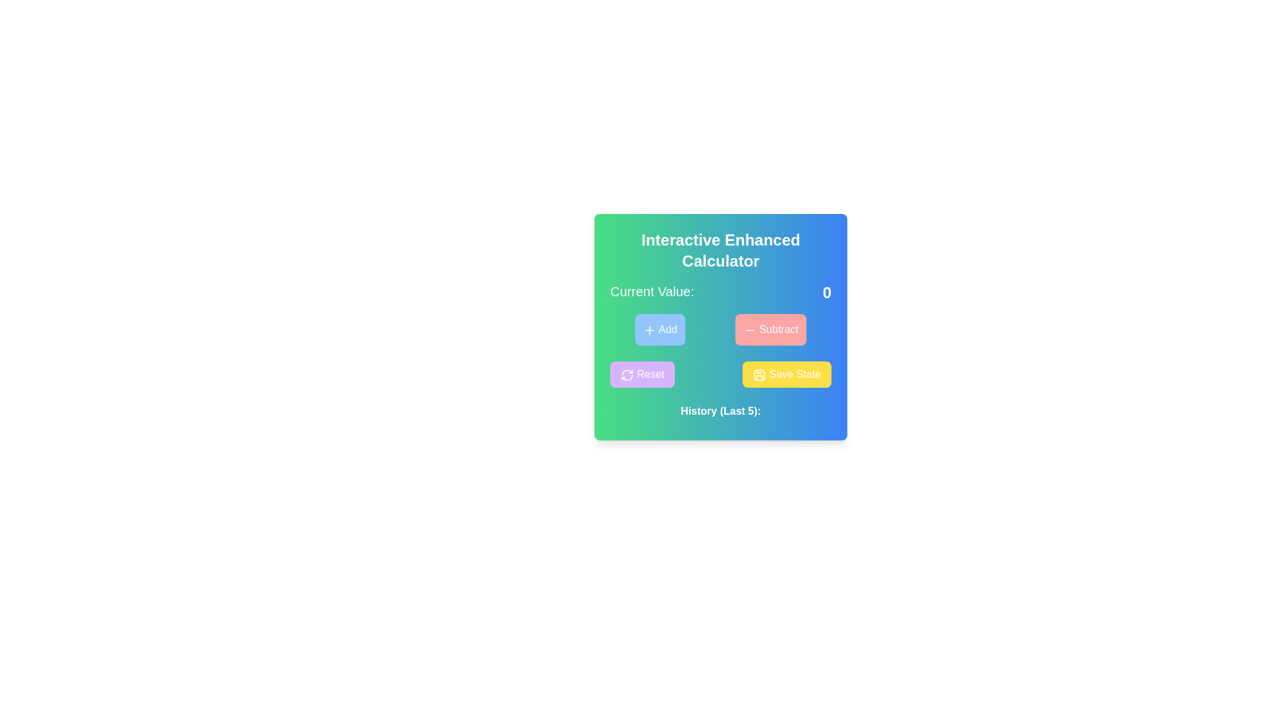 This screenshot has height=711, width=1264. Describe the element at coordinates (771, 329) in the screenshot. I see `the subtraction button, which is the second button in a row of two buttons positioned to the right of the 'Add' button in the calculator interface, to observe any interactive effects` at that location.